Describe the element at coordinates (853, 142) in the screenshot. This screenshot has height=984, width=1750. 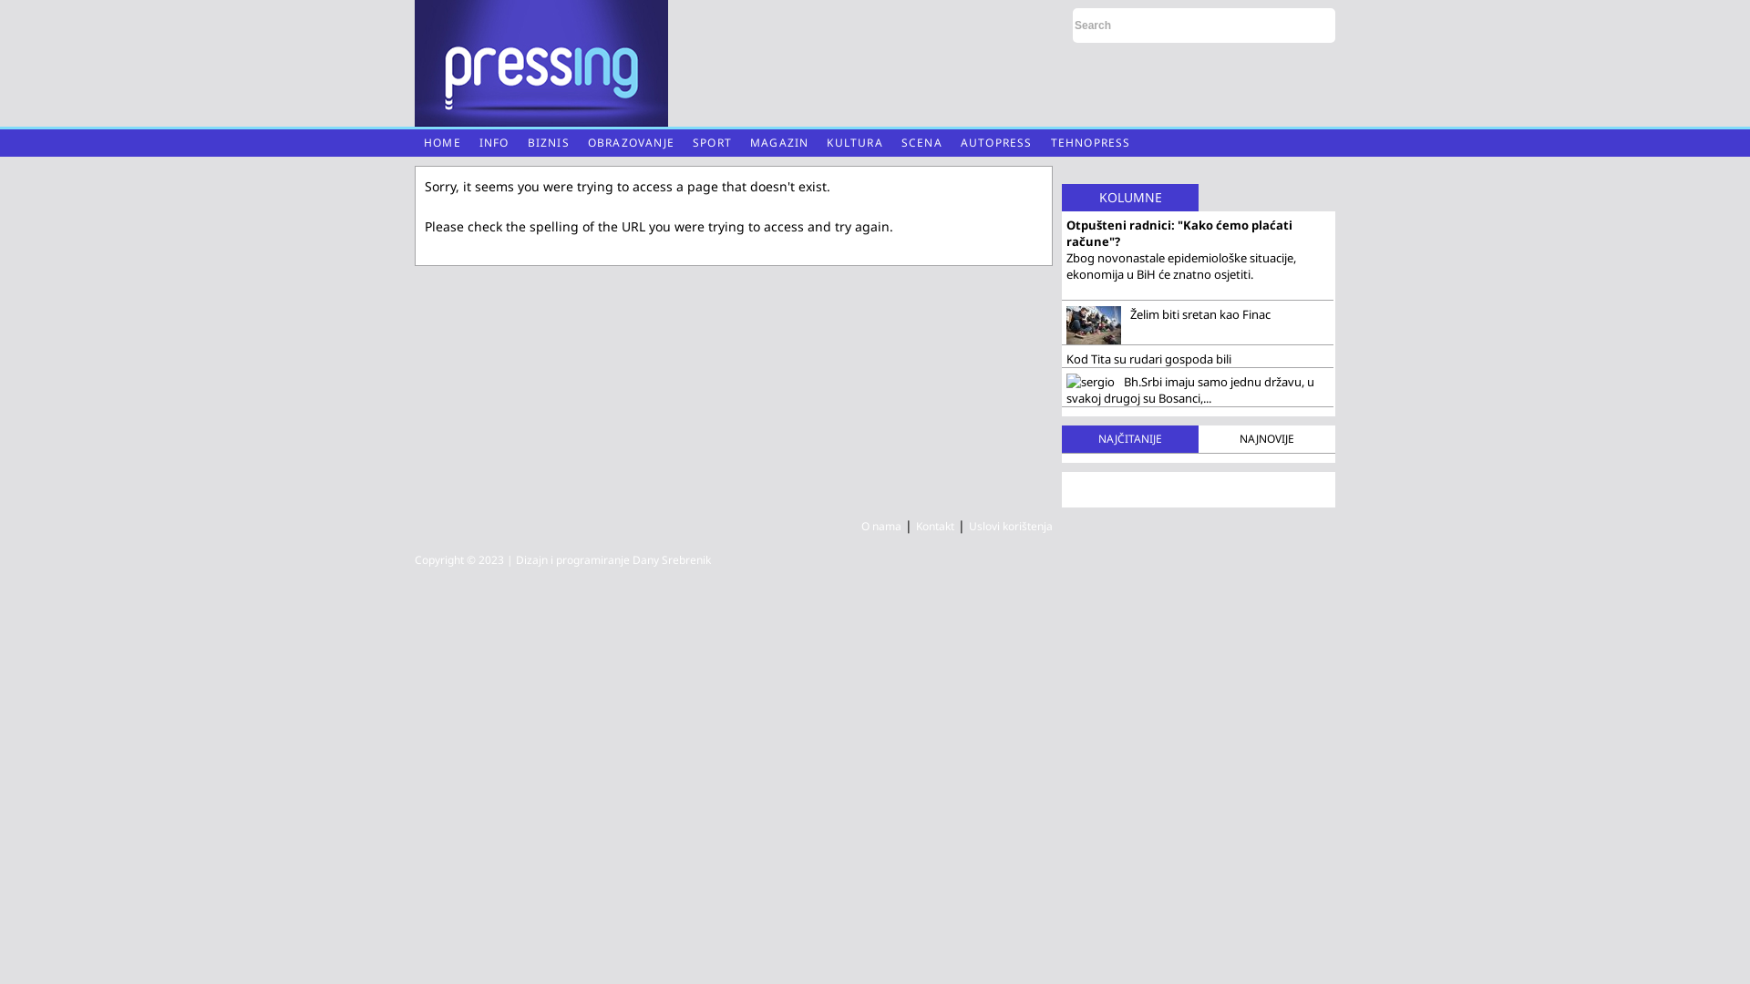
I see `'KULTURA'` at that location.